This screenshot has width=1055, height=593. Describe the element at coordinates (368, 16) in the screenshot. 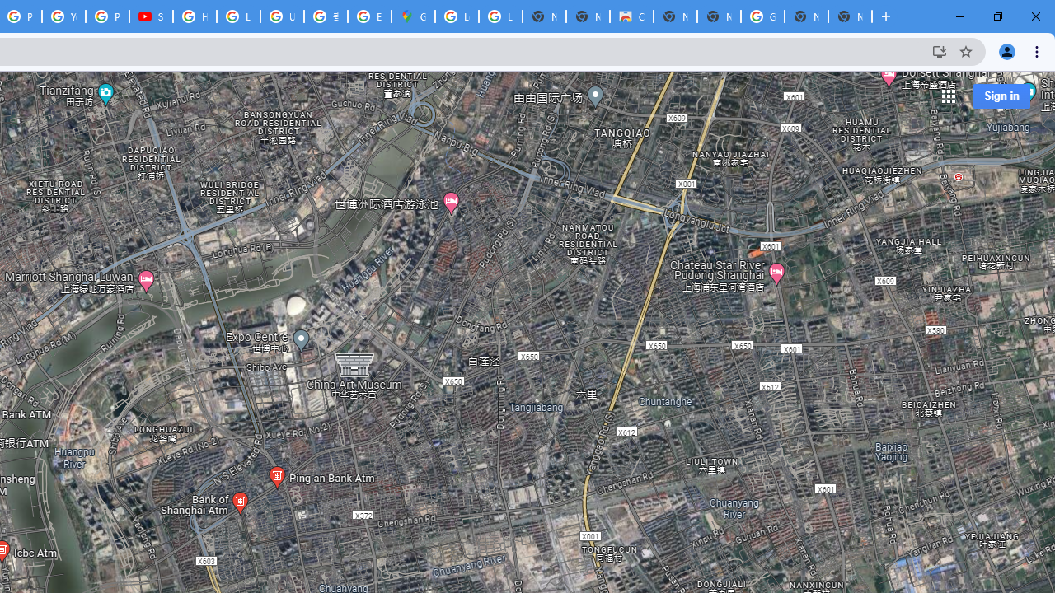

I see `'Explore new street-level details - Google Maps Help'` at that location.